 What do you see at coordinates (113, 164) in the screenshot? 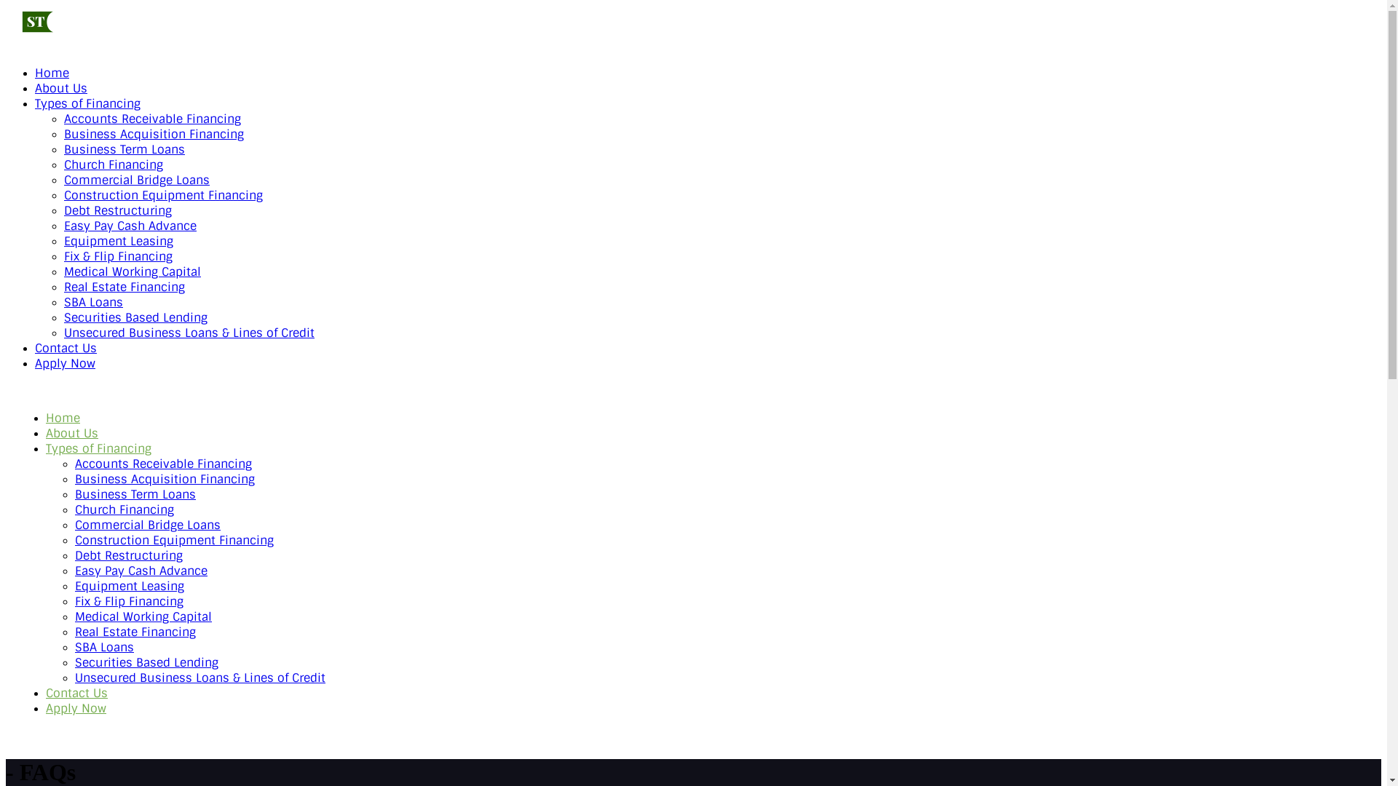
I see `'Church Financing'` at bounding box center [113, 164].